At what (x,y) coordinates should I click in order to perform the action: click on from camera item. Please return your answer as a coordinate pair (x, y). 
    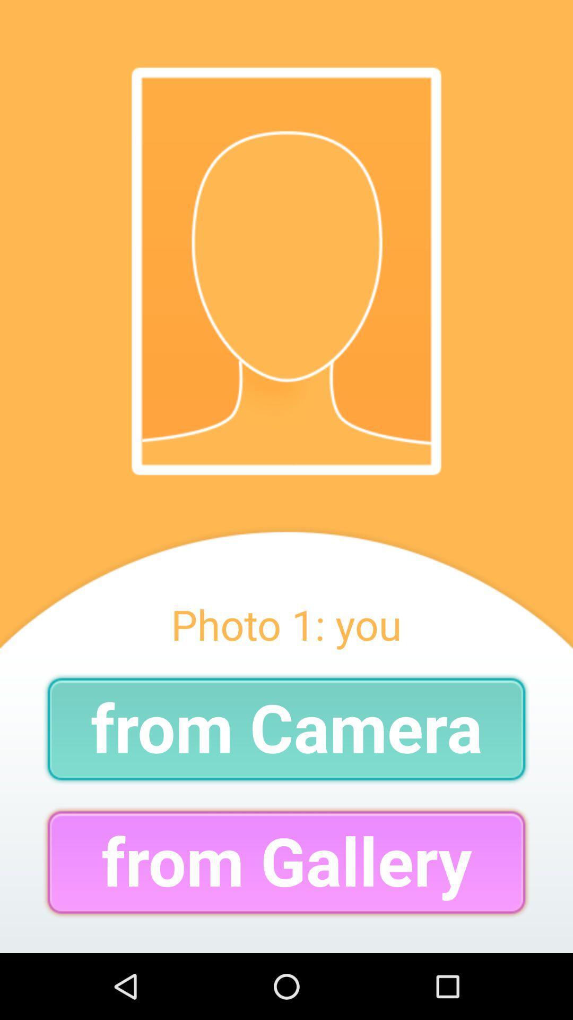
    Looking at the image, I should click on (286, 728).